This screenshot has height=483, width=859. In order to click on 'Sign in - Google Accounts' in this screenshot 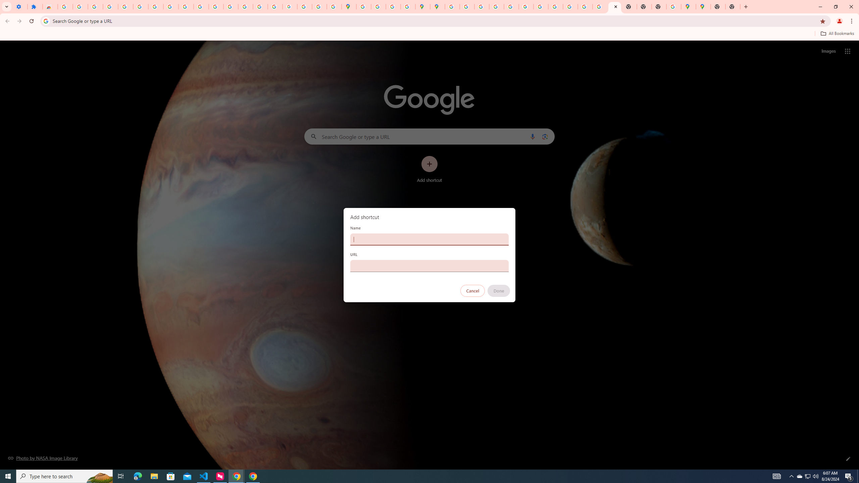, I will do `click(65, 6)`.